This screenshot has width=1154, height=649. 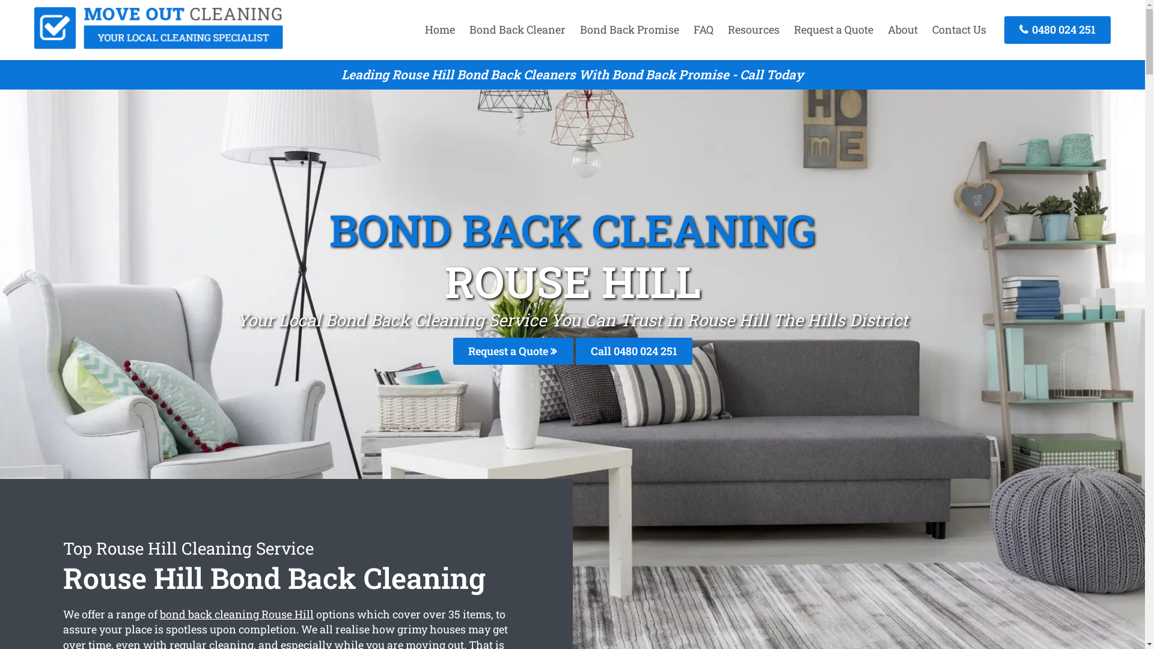 I want to click on '0480 024 251', so click(x=1057, y=29).